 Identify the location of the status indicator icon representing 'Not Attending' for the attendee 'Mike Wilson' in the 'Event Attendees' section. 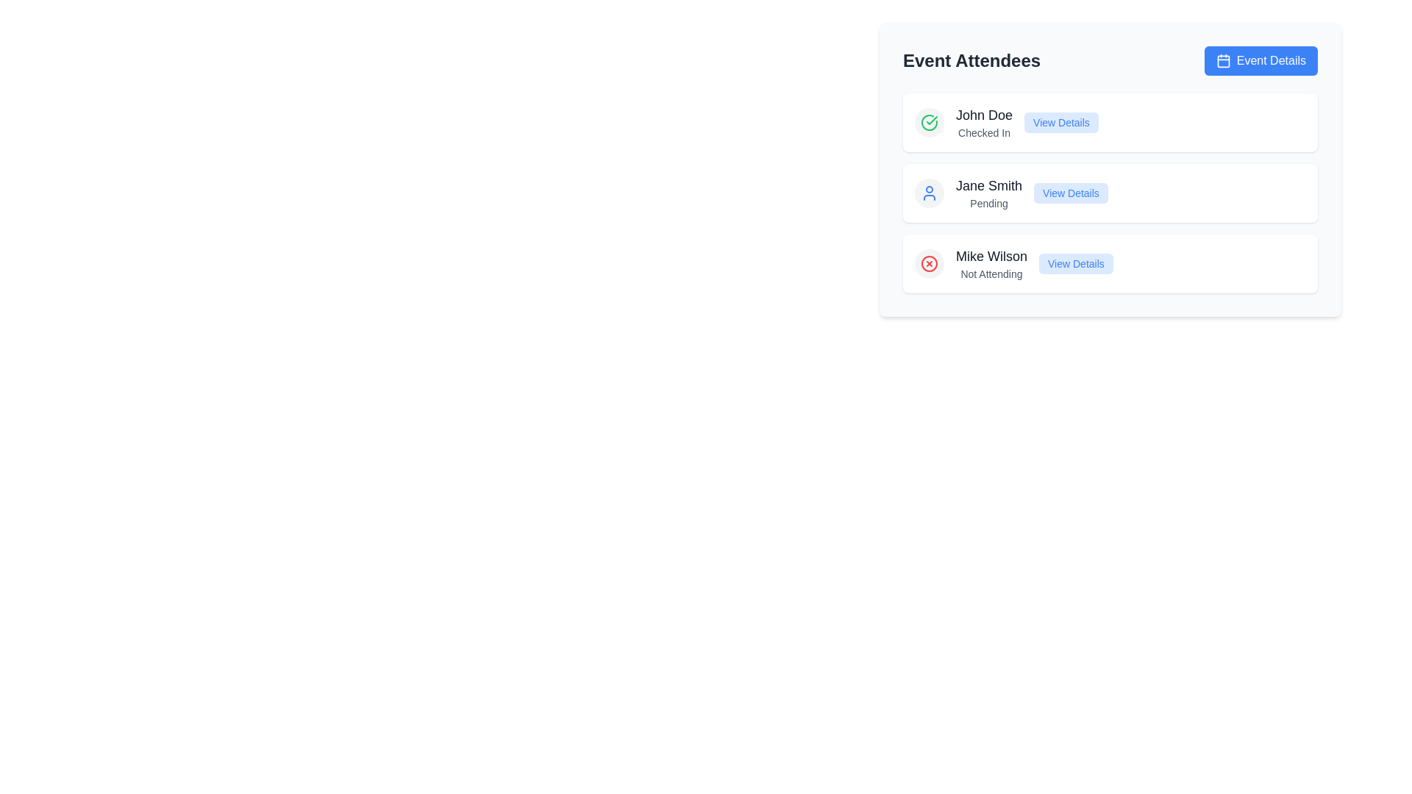
(928, 262).